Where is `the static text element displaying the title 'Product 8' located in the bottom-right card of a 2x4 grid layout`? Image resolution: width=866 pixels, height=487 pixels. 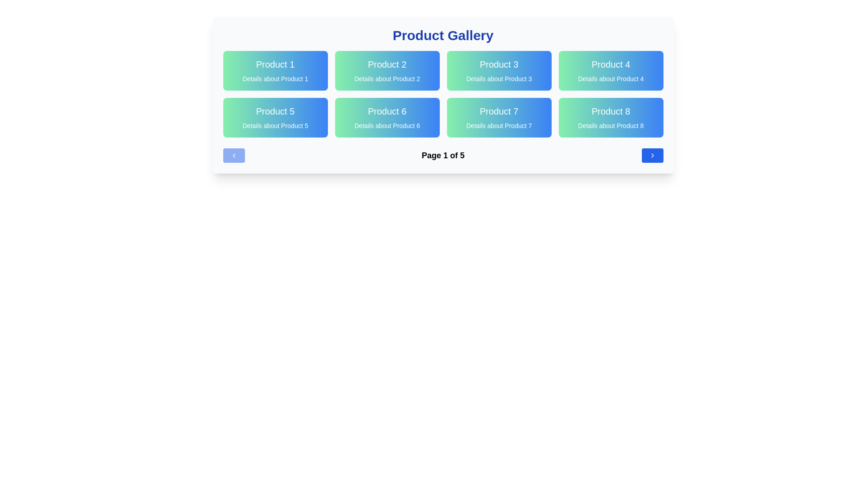 the static text element displaying the title 'Product 8' located in the bottom-right card of a 2x4 grid layout is located at coordinates (611, 110).